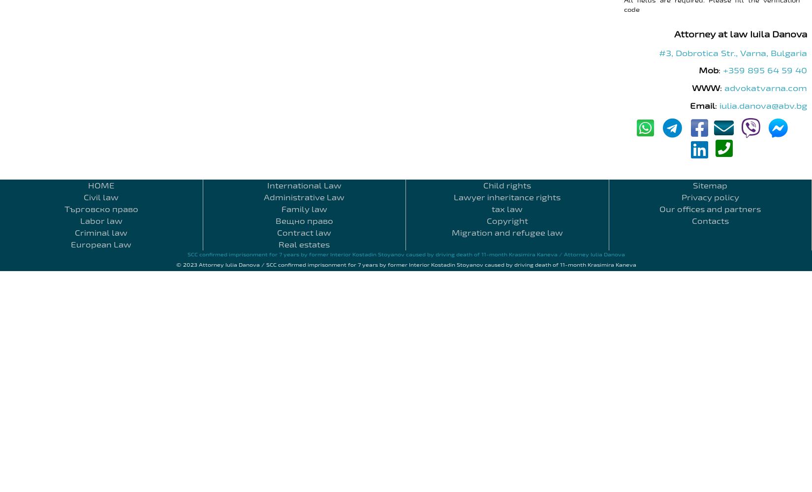 Image resolution: width=812 pixels, height=492 pixels. What do you see at coordinates (708, 70) in the screenshot?
I see `'Mob'` at bounding box center [708, 70].